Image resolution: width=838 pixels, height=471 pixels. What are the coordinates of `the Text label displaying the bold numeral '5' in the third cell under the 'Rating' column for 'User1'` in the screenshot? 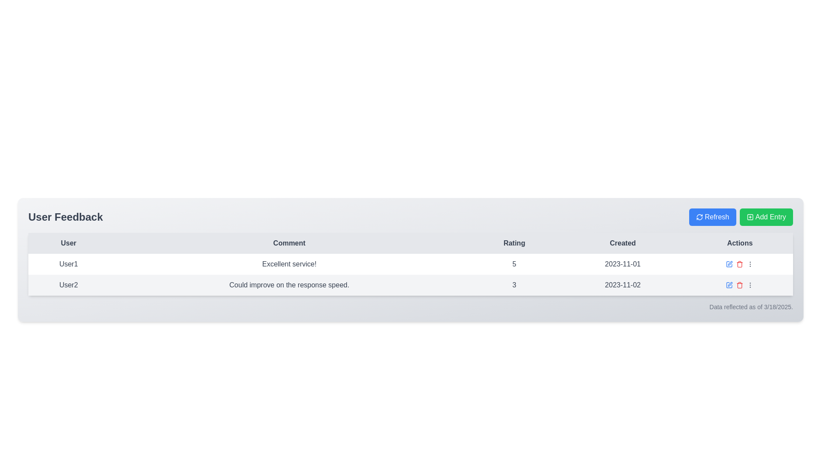 It's located at (514, 263).